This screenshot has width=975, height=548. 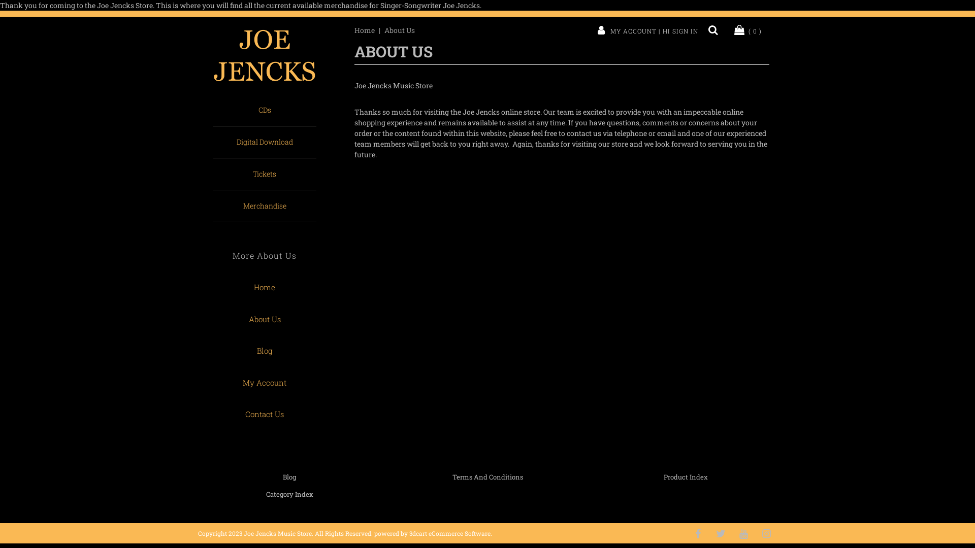 What do you see at coordinates (265, 110) in the screenshot?
I see `'CDs'` at bounding box center [265, 110].